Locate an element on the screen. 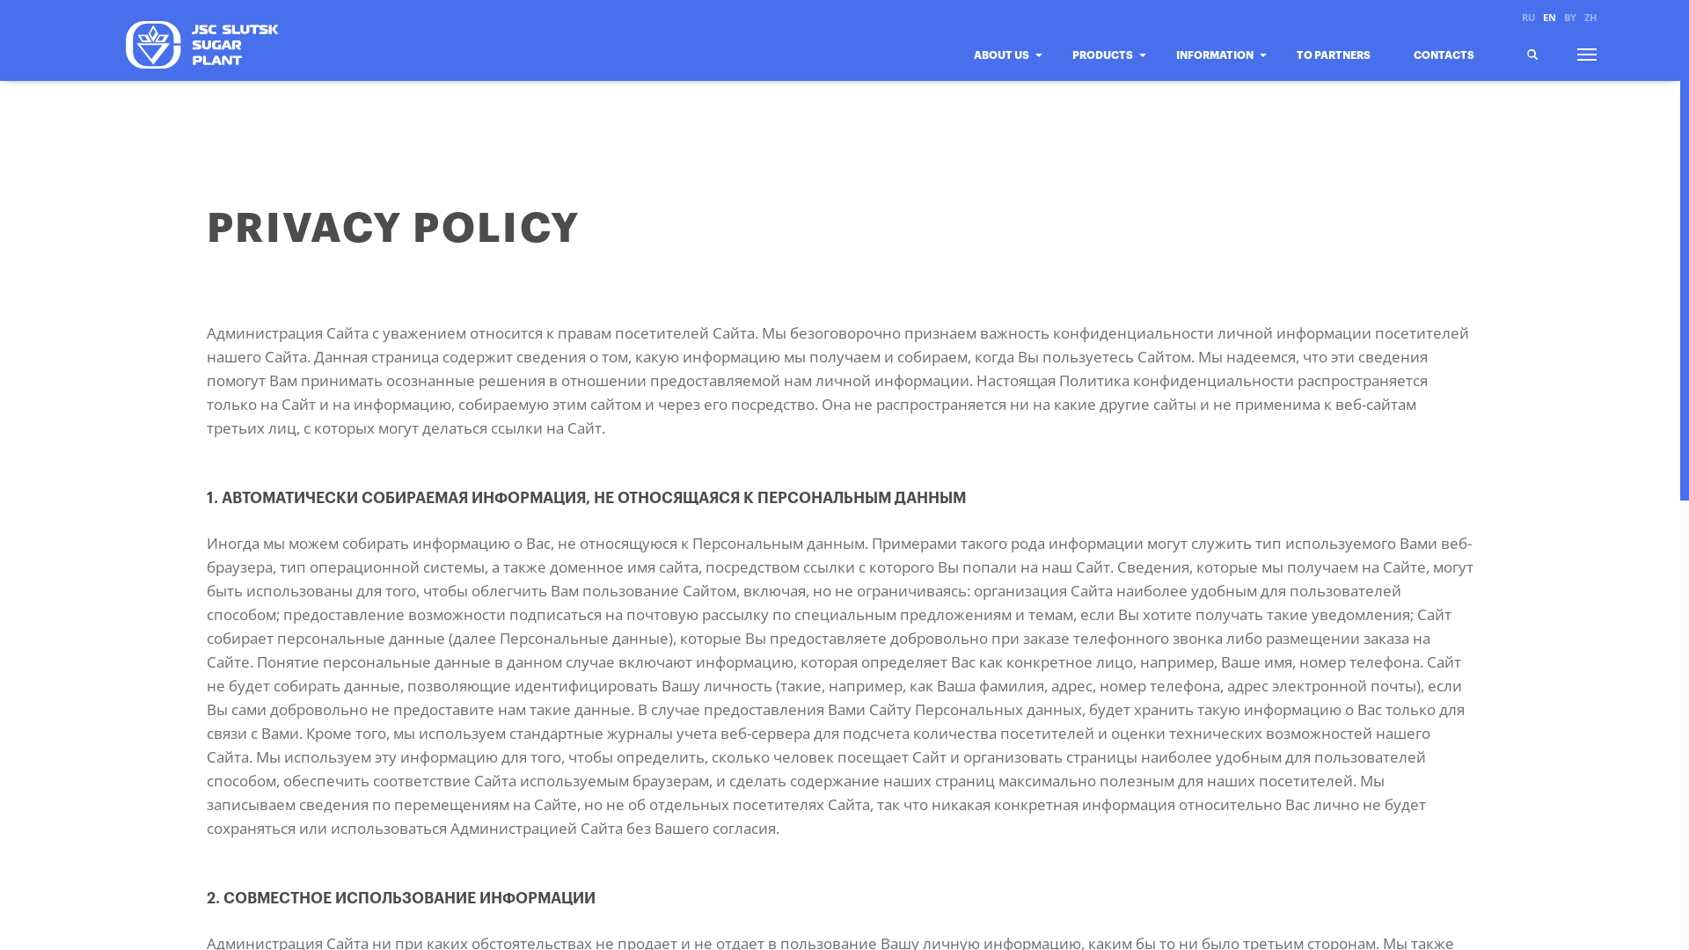  'EN' is located at coordinates (1549, 17).